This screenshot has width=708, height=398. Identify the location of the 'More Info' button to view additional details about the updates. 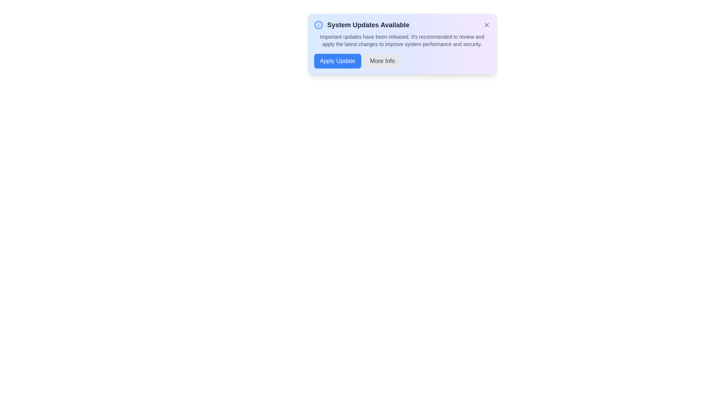
(382, 60).